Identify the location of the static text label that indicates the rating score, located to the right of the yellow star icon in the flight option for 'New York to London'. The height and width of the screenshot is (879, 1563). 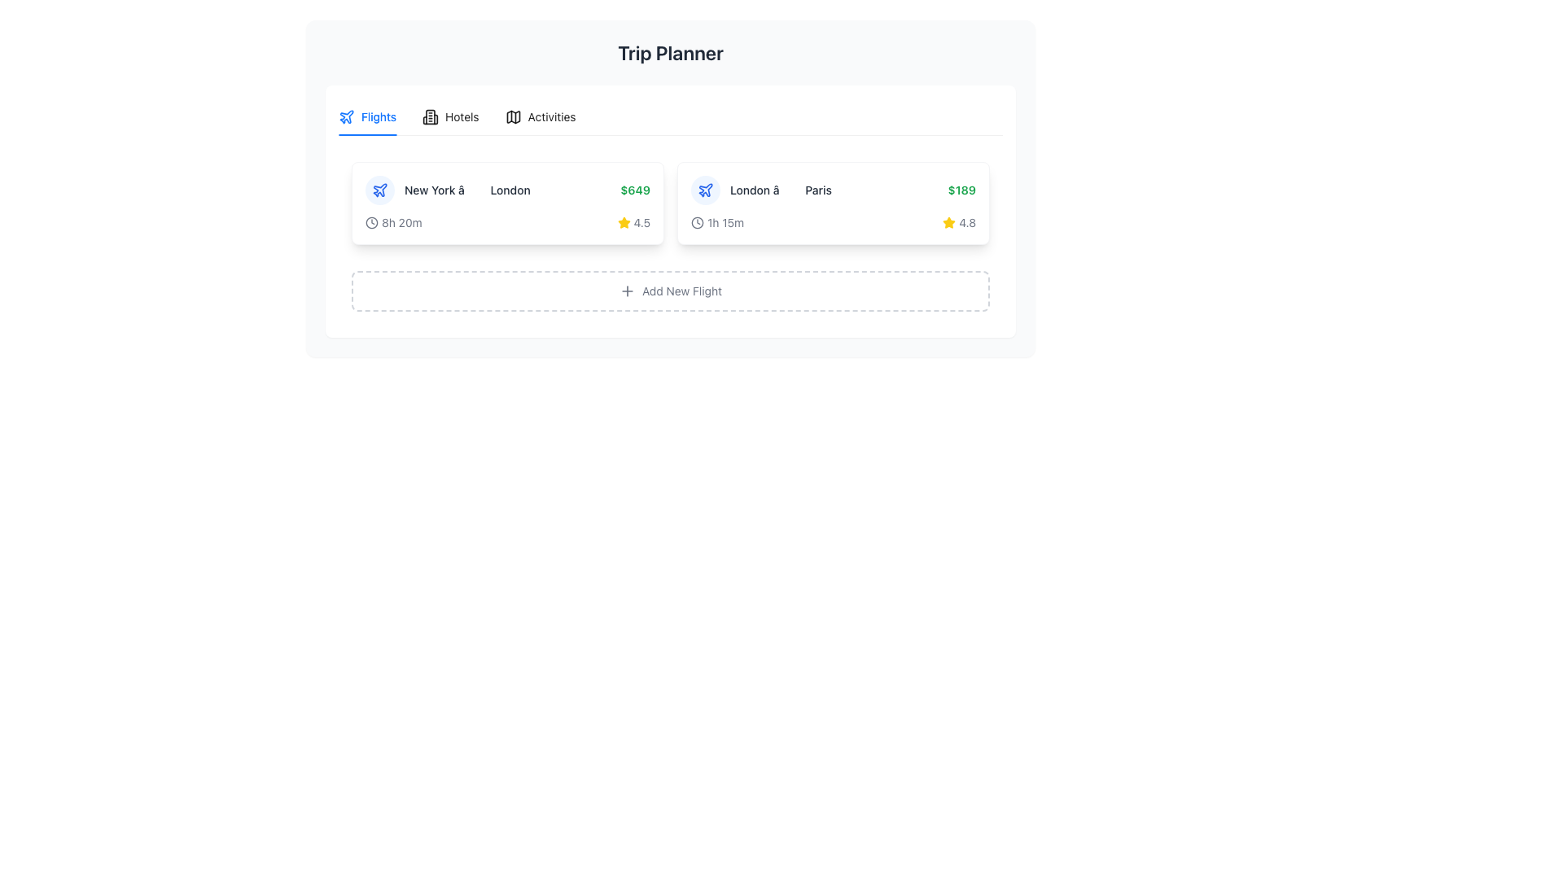
(641, 222).